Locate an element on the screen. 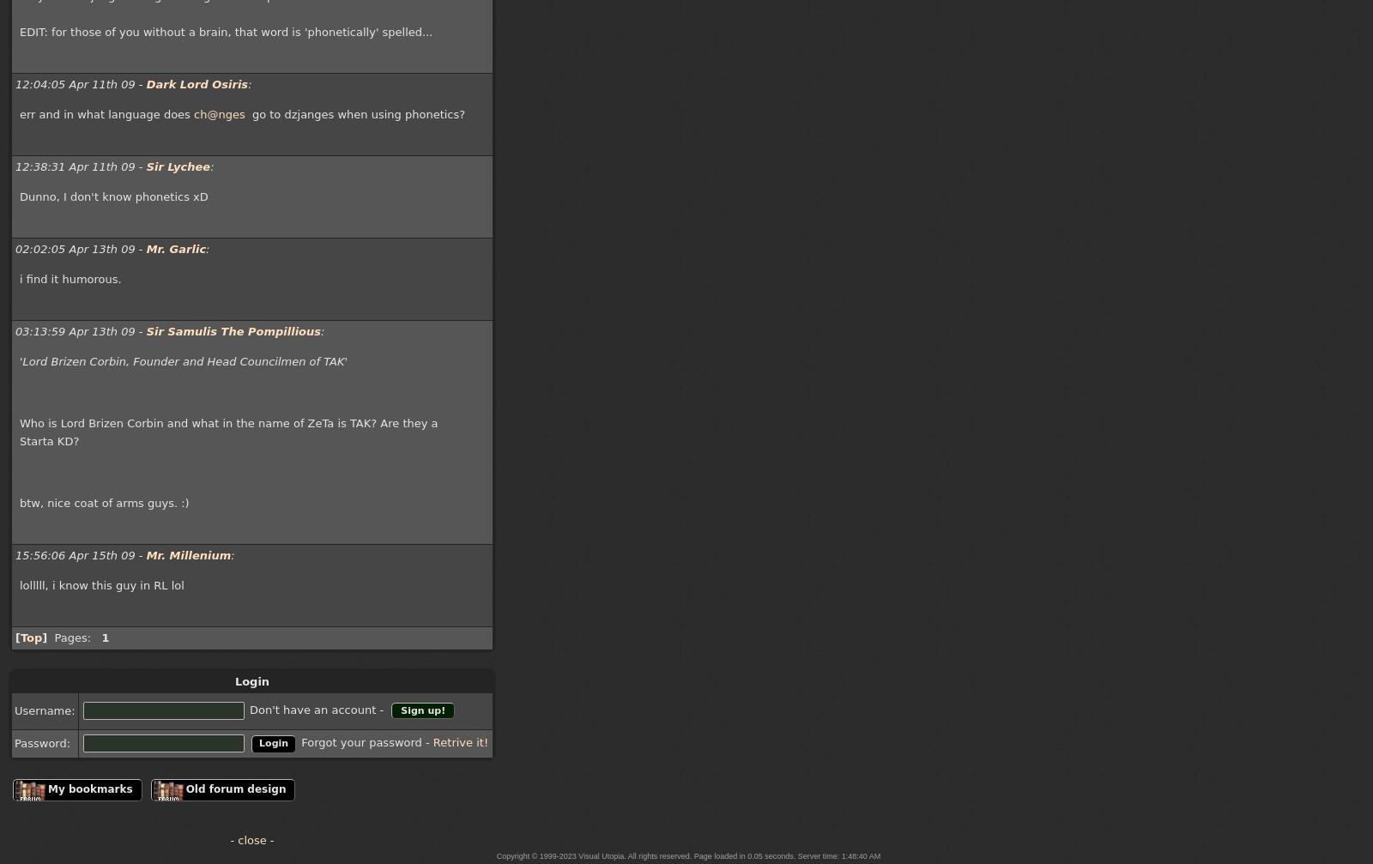 The height and width of the screenshot is (864, 1373). 'Mr. Garlic' is located at coordinates (175, 249).